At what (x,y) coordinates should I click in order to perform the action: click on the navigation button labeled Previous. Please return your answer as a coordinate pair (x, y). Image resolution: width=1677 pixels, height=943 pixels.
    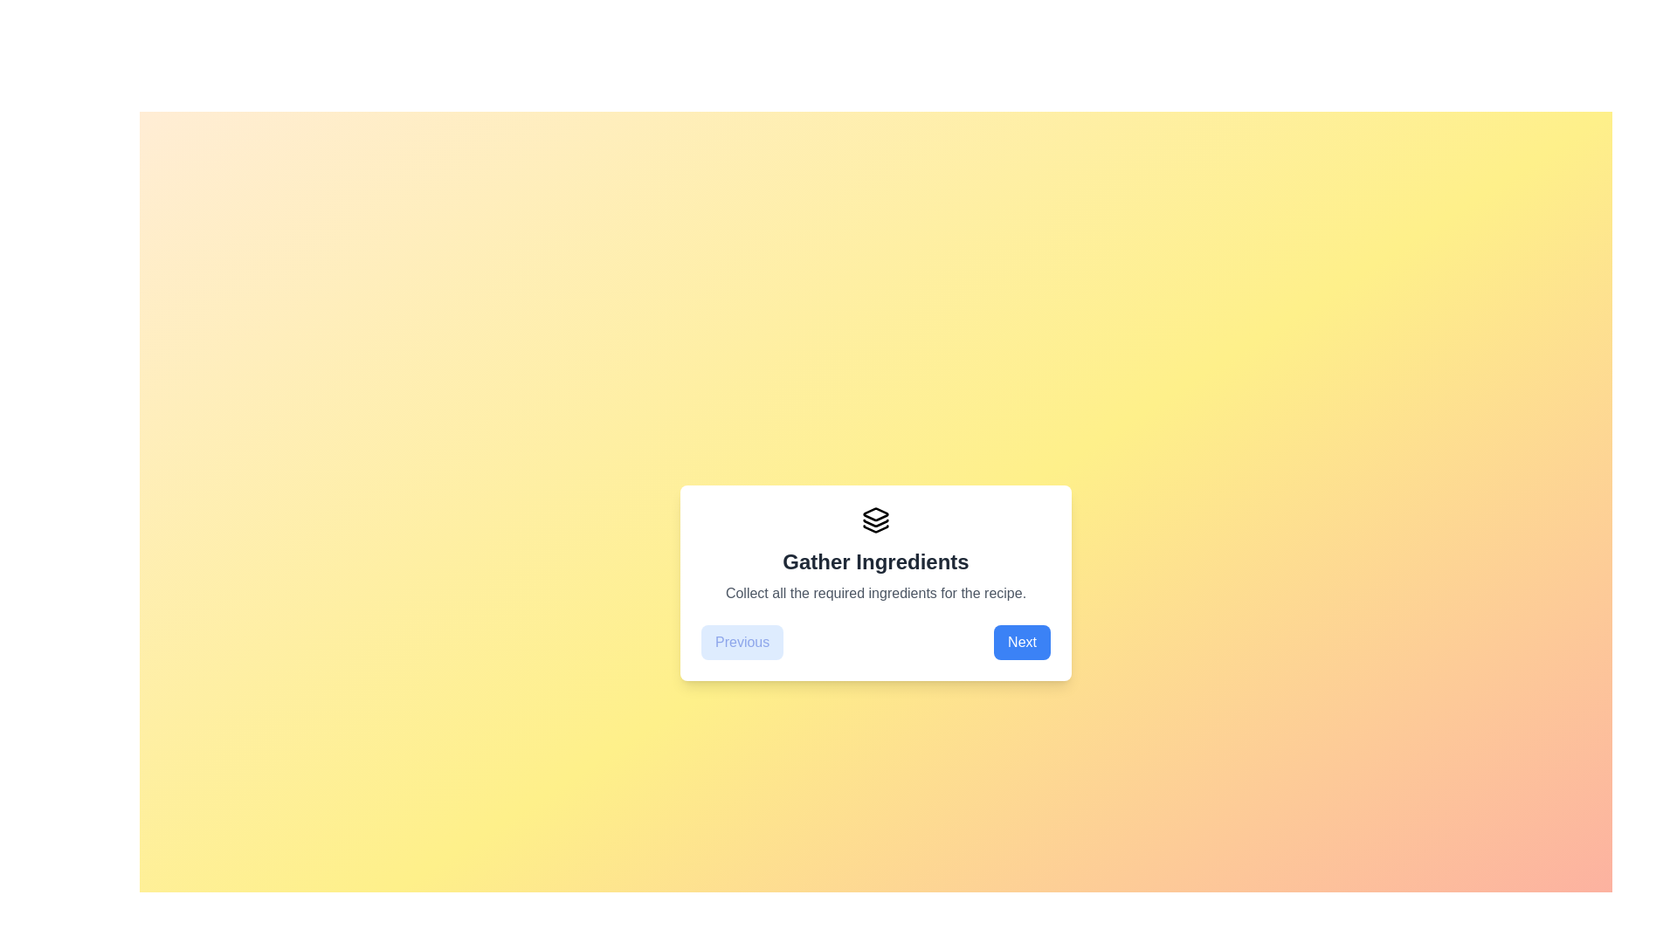
    Looking at the image, I should click on (742, 643).